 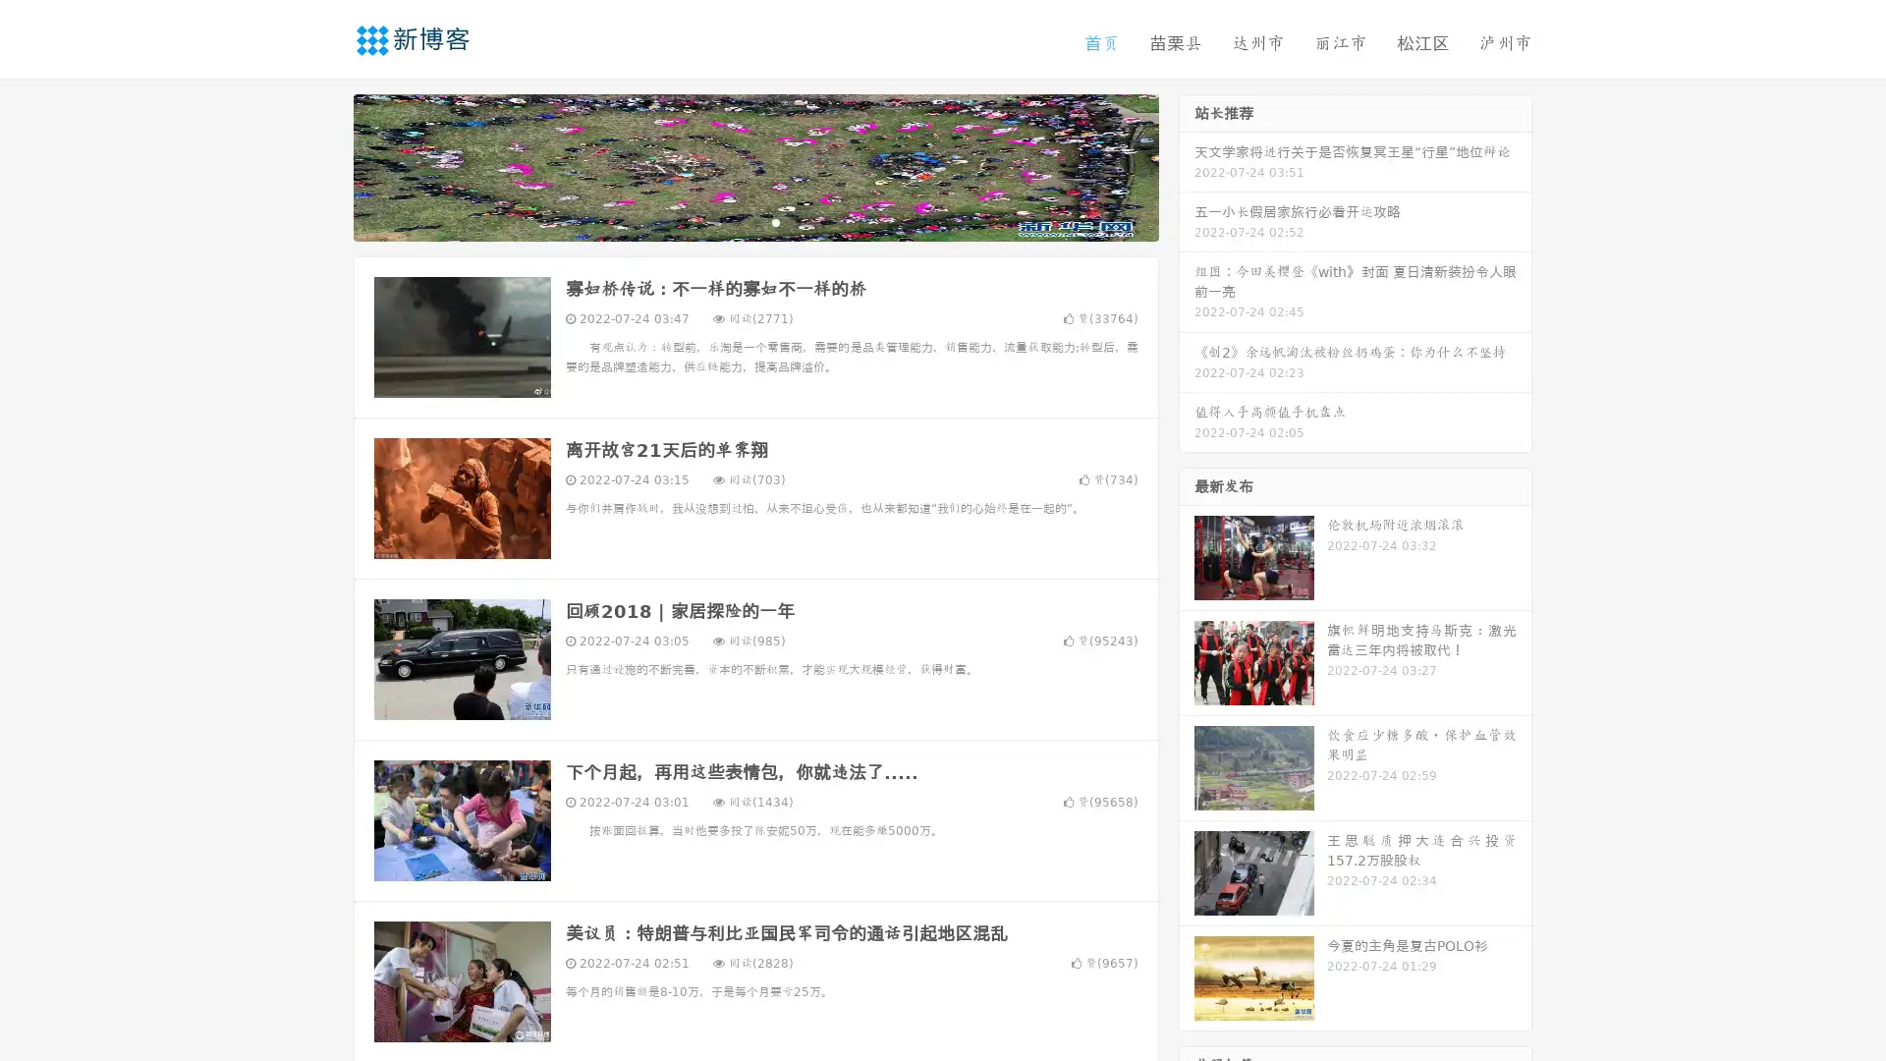 What do you see at coordinates (735, 221) in the screenshot?
I see `Go to slide 1` at bounding box center [735, 221].